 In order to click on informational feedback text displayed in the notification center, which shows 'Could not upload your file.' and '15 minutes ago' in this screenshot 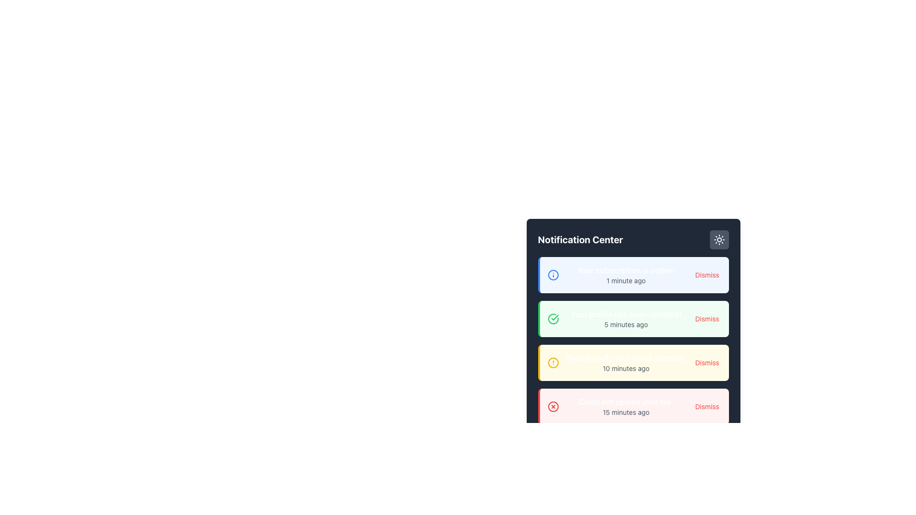, I will do `click(626, 406)`.